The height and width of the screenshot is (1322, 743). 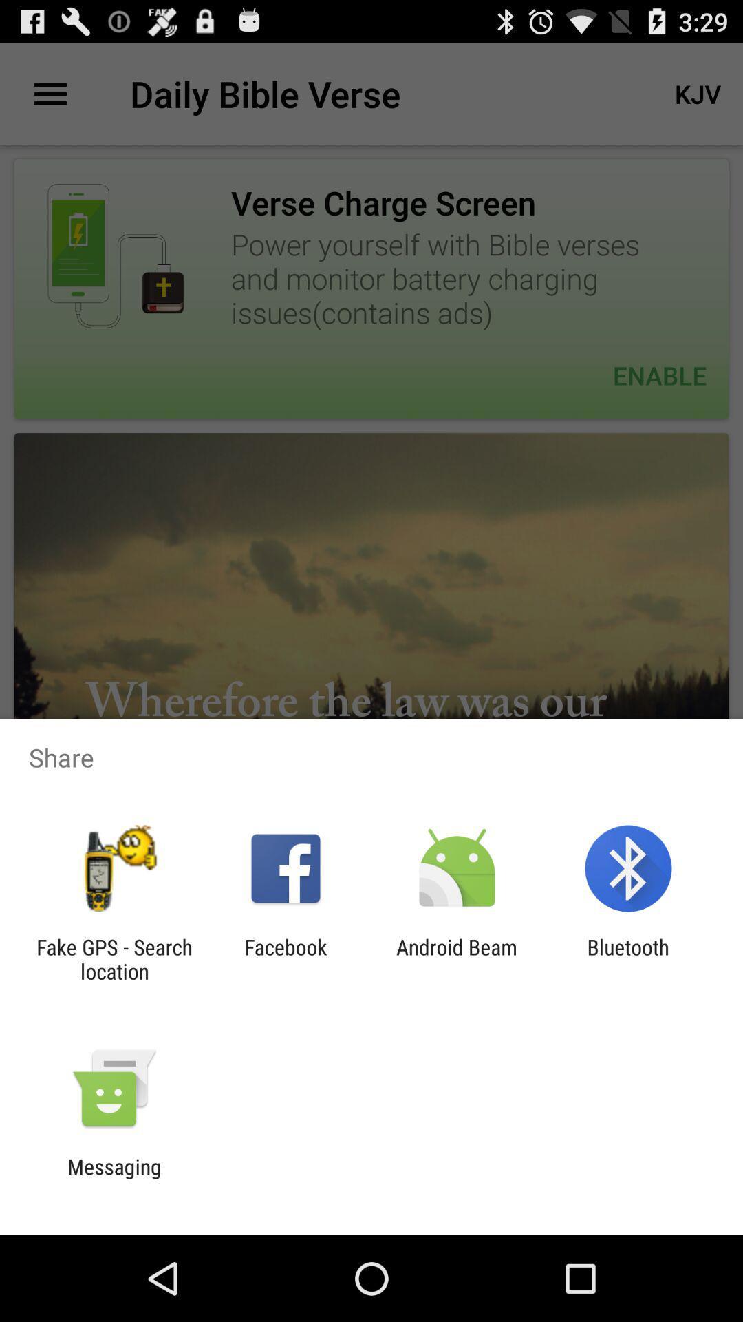 I want to click on the app next to the facebook icon, so click(x=114, y=958).